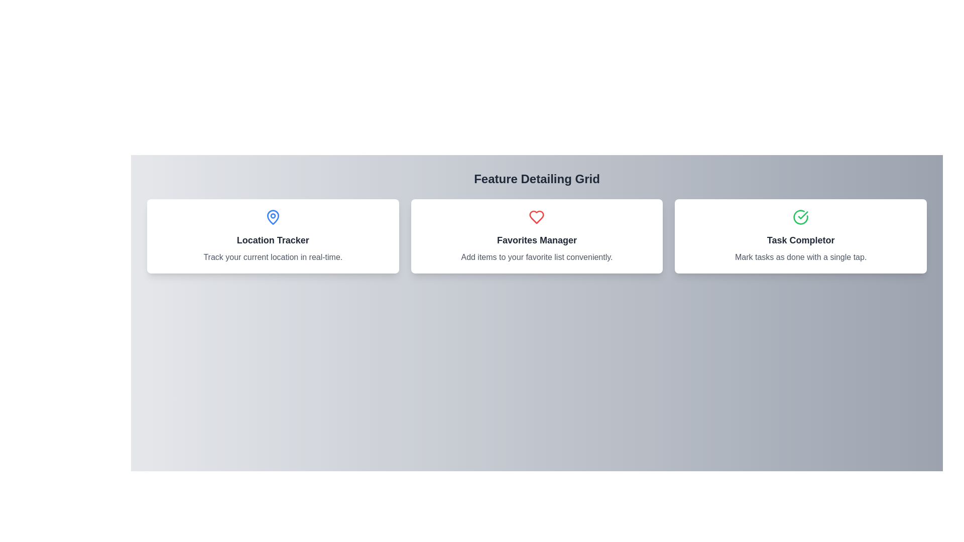 The image size is (964, 542). What do you see at coordinates (800, 216) in the screenshot?
I see `the completion icon located at the center of the 'Task Completor' card, which visually indicates the successful operation of the task` at bounding box center [800, 216].